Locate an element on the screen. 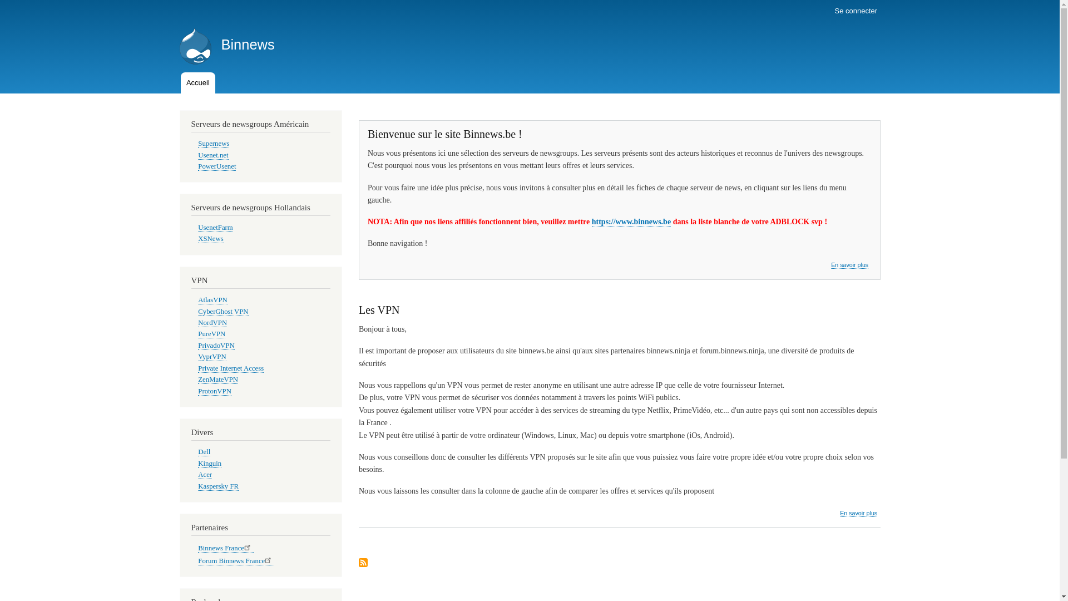 The height and width of the screenshot is (601, 1068). 'https://www.binnews.be' is located at coordinates (631, 221).